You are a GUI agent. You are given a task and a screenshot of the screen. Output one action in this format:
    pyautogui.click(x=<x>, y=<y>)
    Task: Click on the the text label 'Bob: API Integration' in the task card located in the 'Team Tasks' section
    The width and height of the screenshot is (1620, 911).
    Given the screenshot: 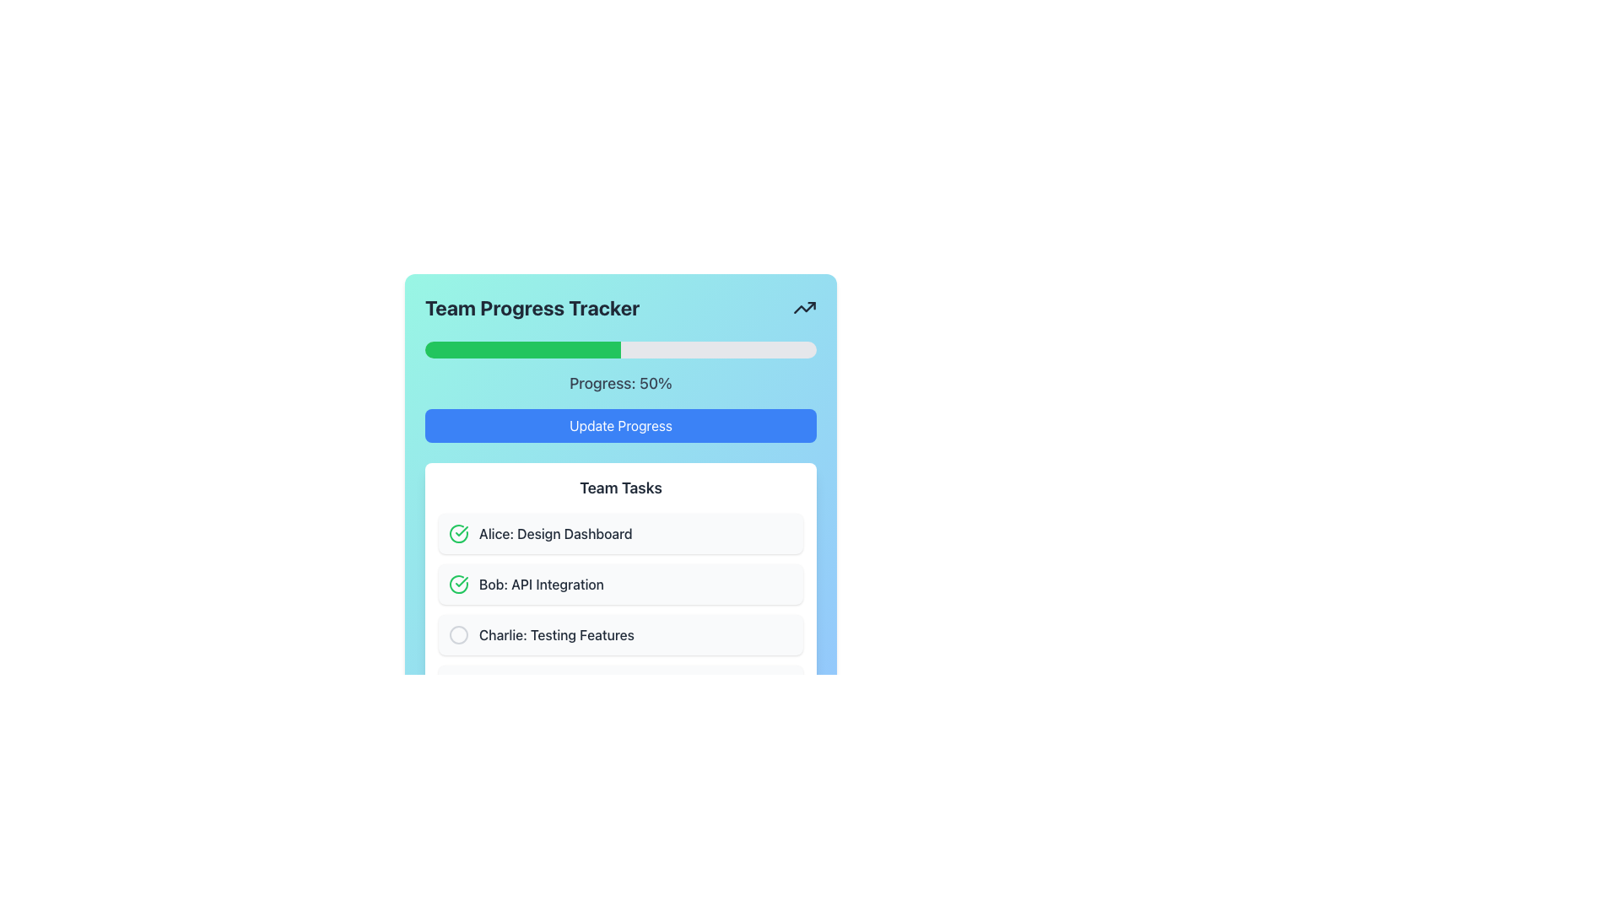 What is the action you would take?
    pyautogui.click(x=542, y=584)
    